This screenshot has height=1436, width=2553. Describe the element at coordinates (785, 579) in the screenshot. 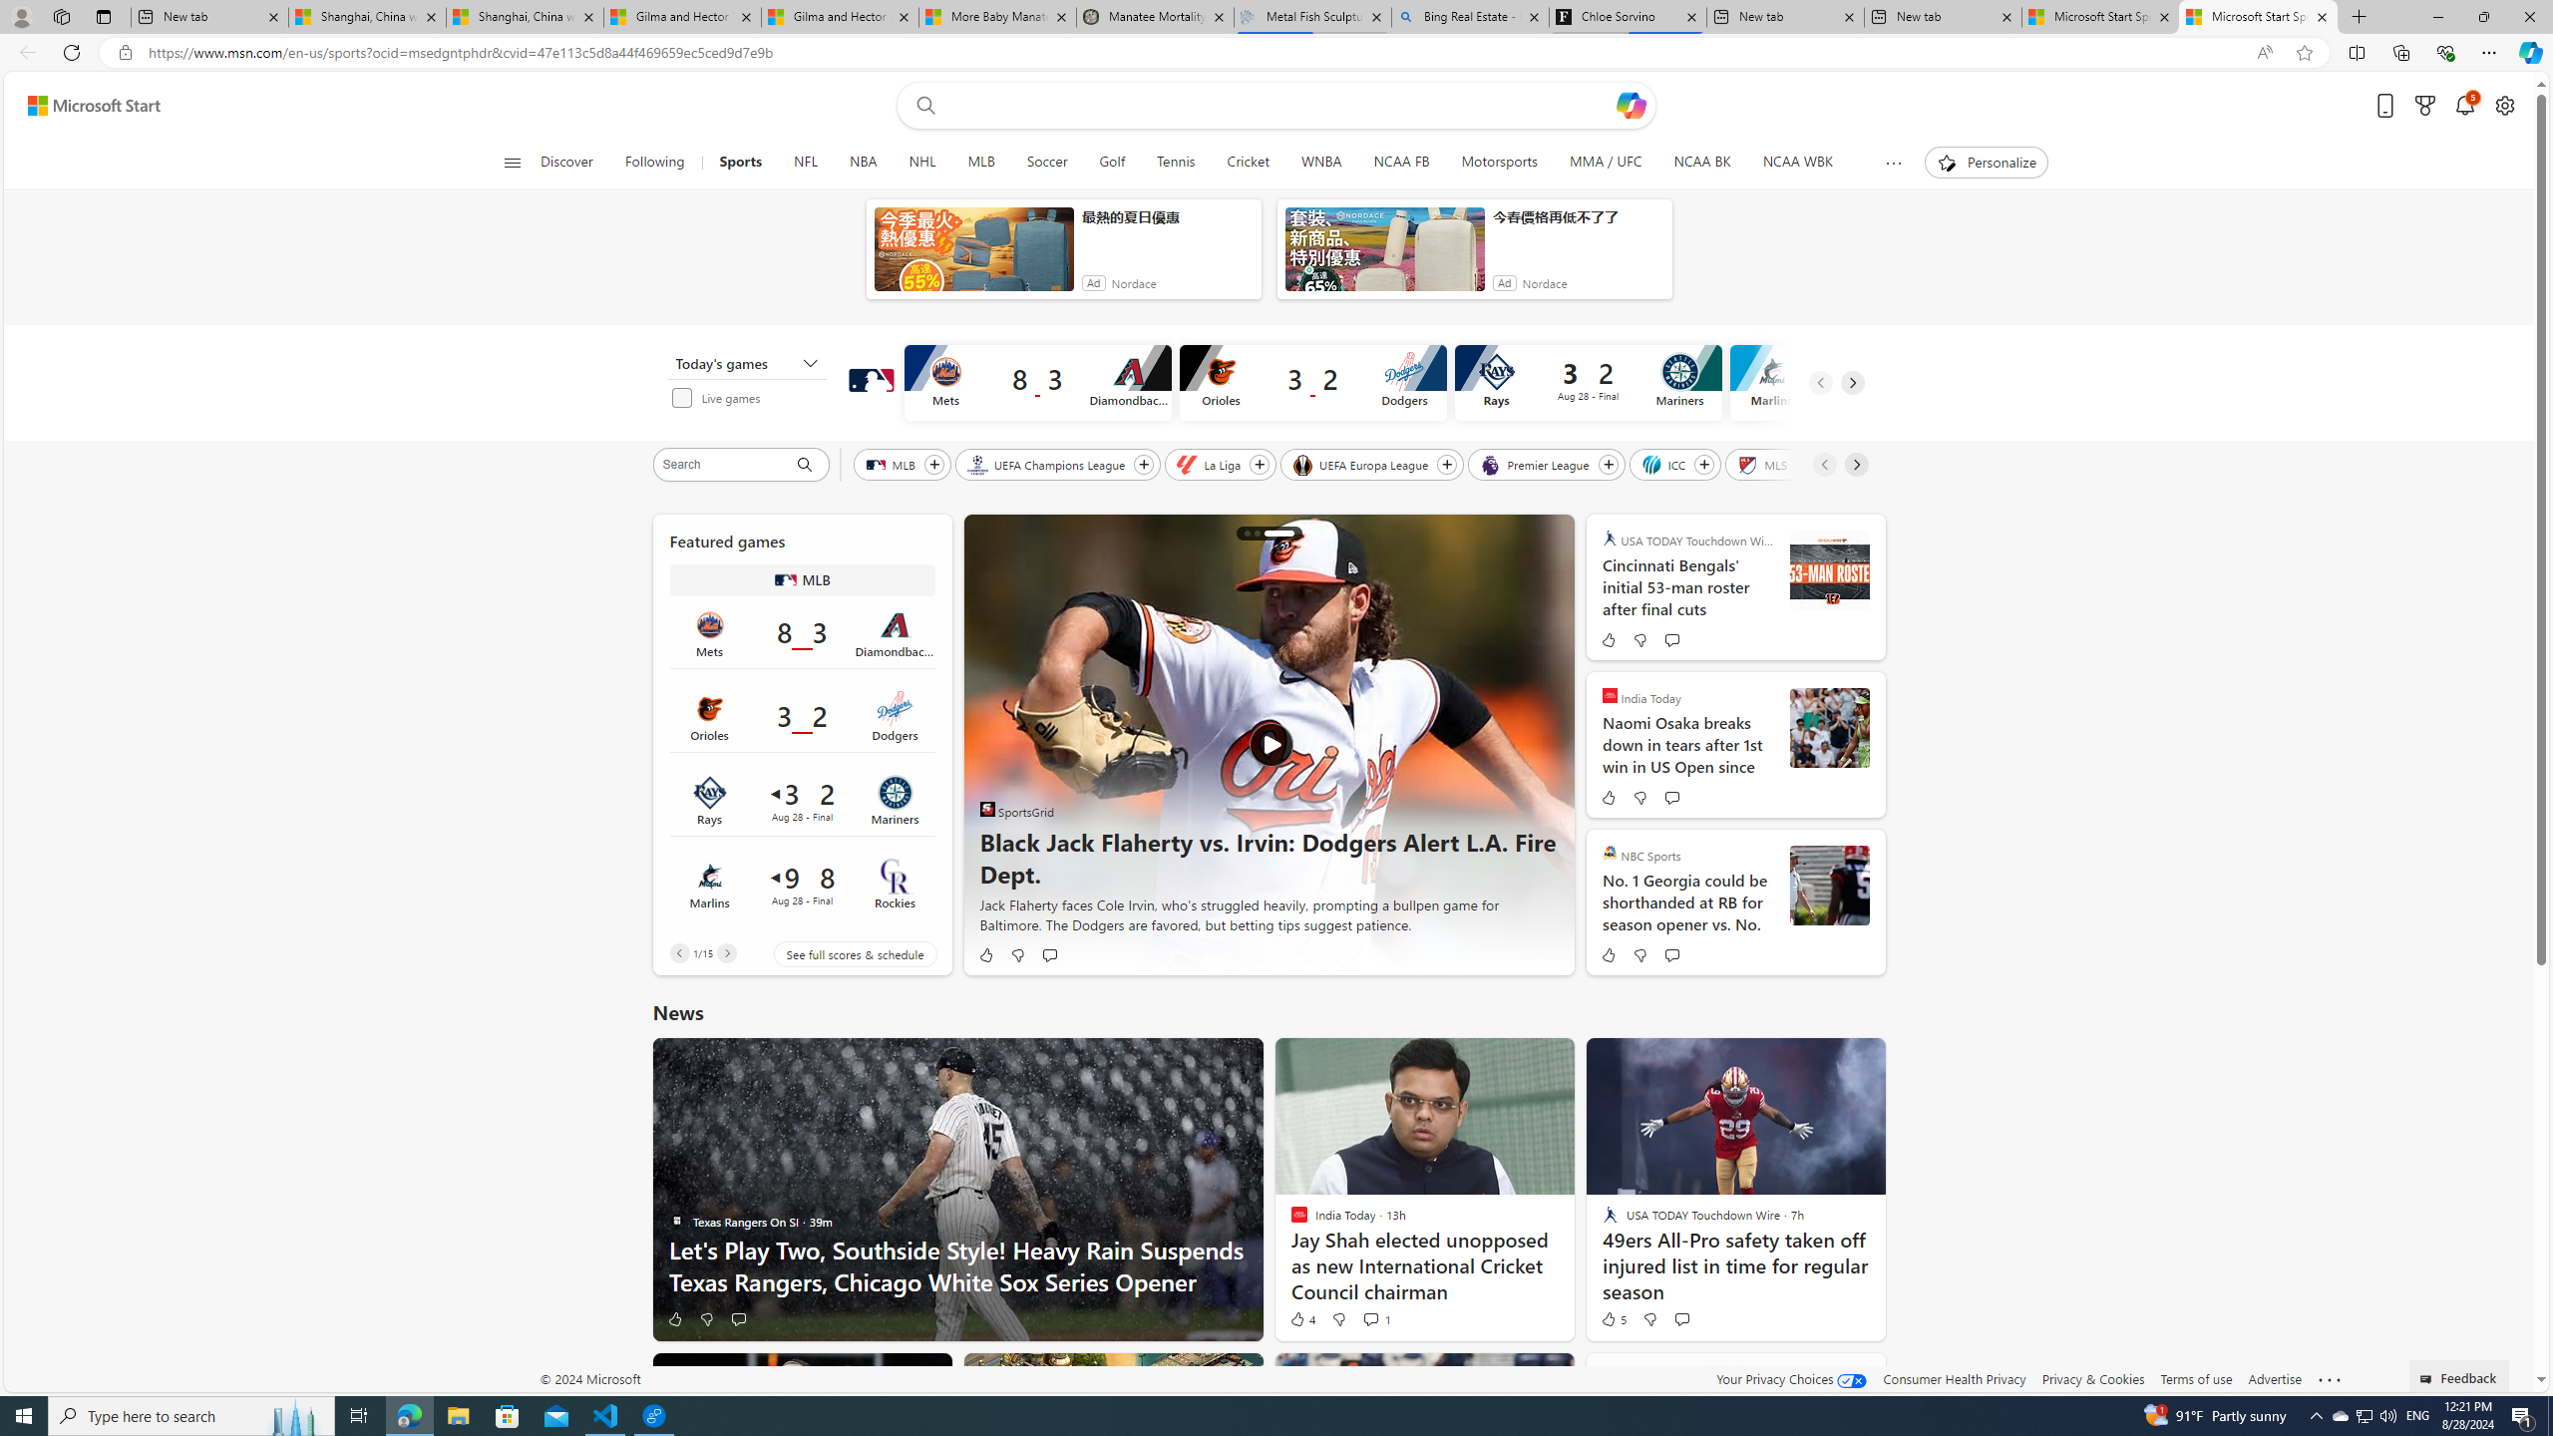

I see `'MLB'` at that location.